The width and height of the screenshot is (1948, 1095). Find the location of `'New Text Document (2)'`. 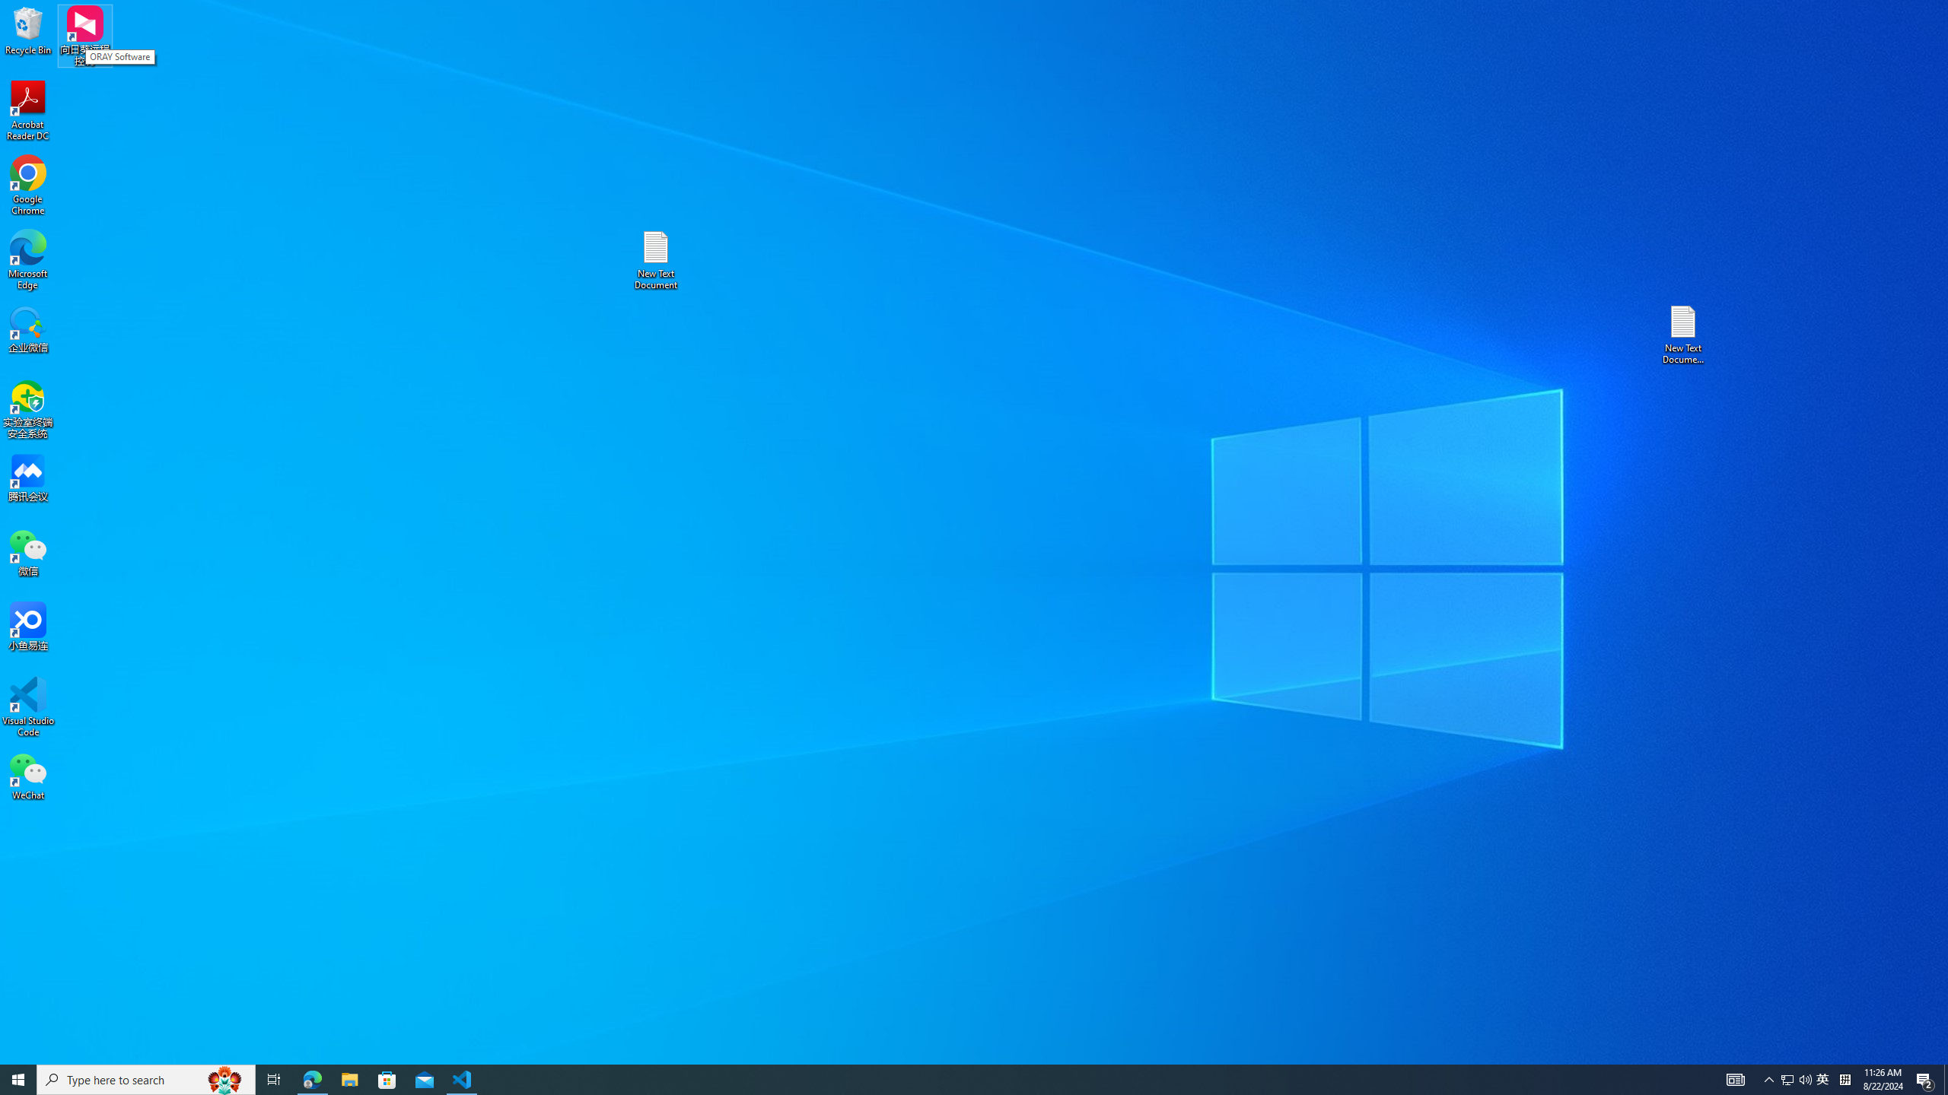

'New Text Document (2)' is located at coordinates (1684, 333).